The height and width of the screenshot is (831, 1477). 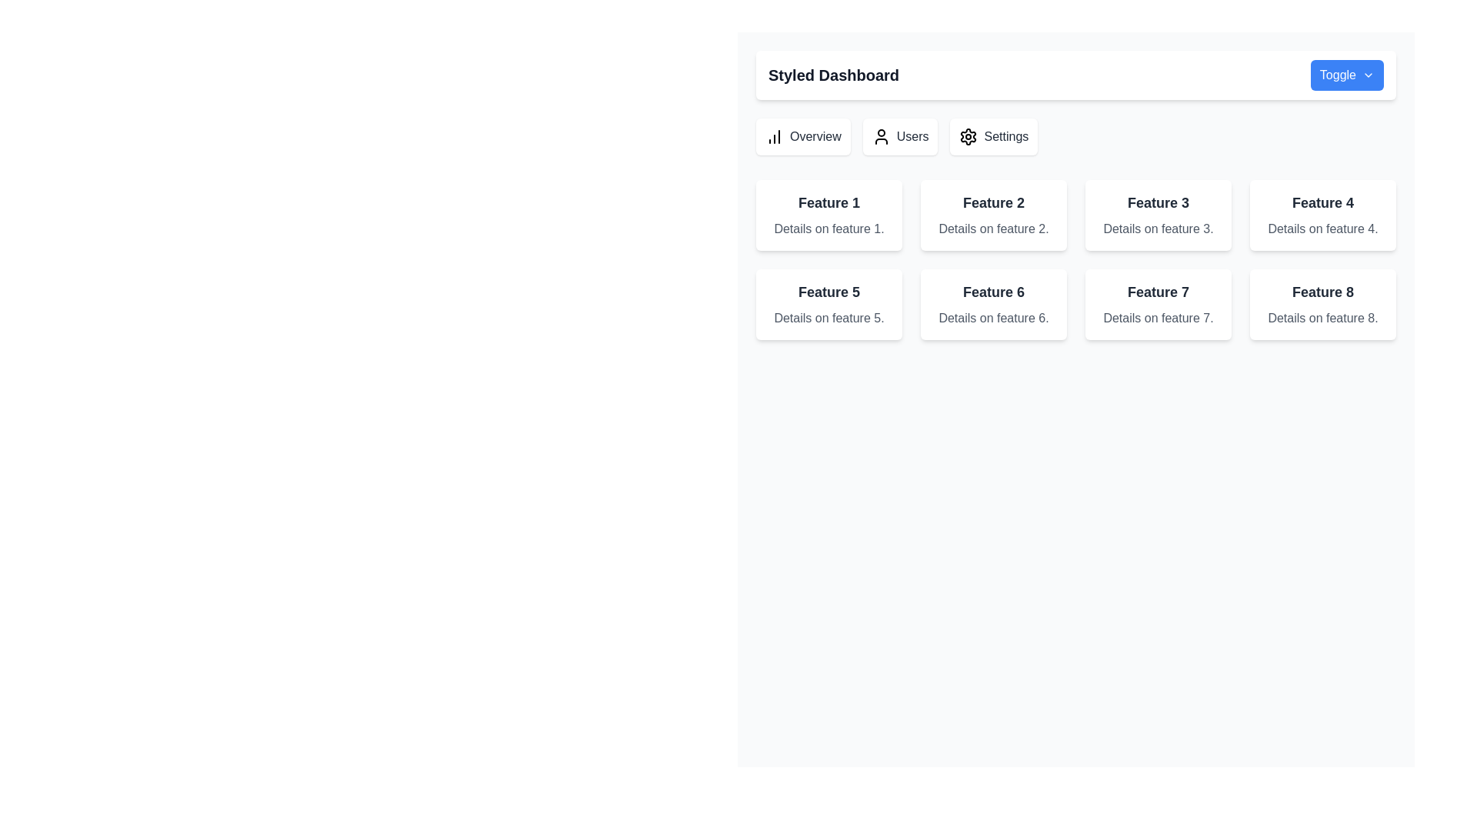 I want to click on the chevron down icon located at the top-right corner of the interface within the 'Toggle' button, so click(x=1369, y=75).